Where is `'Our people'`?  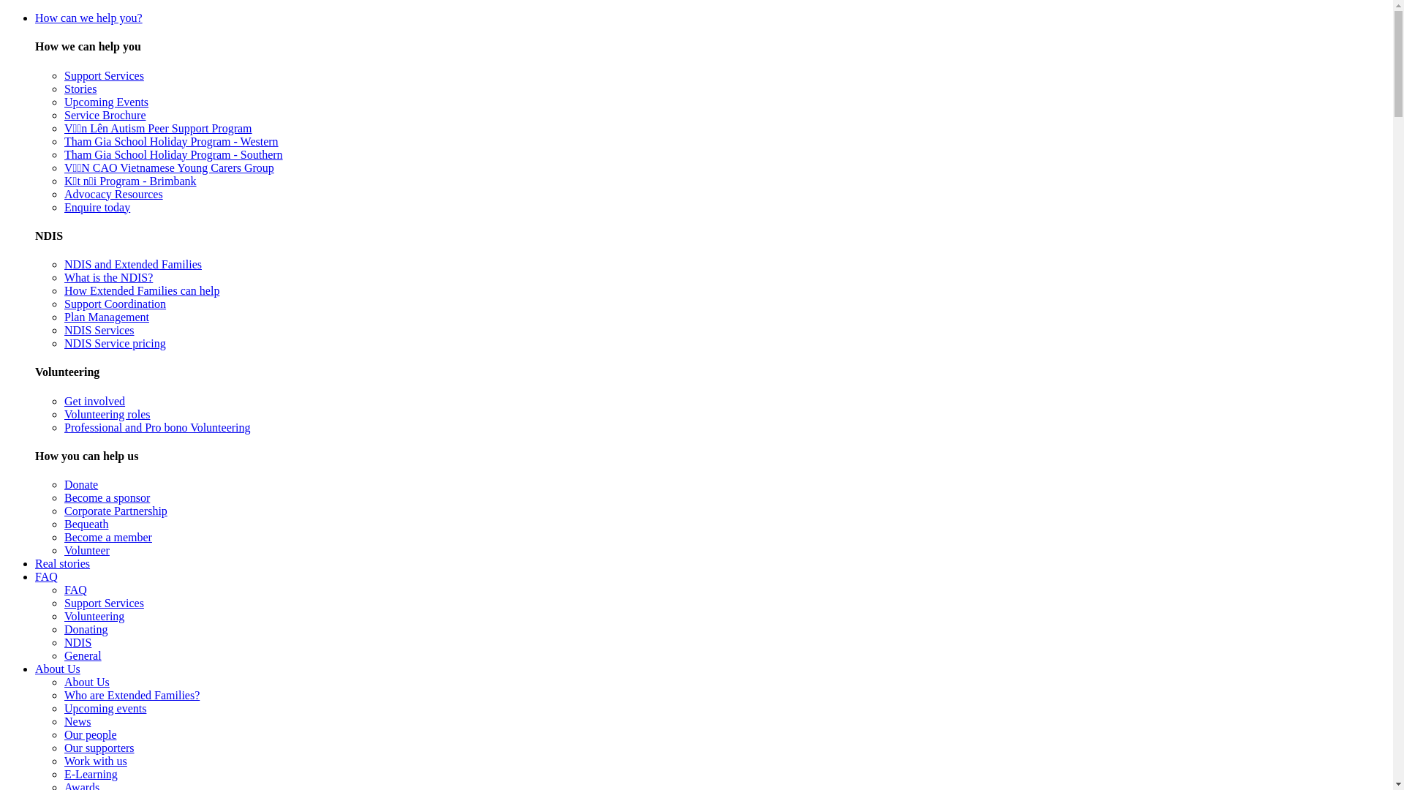
'Our people' is located at coordinates (90, 734).